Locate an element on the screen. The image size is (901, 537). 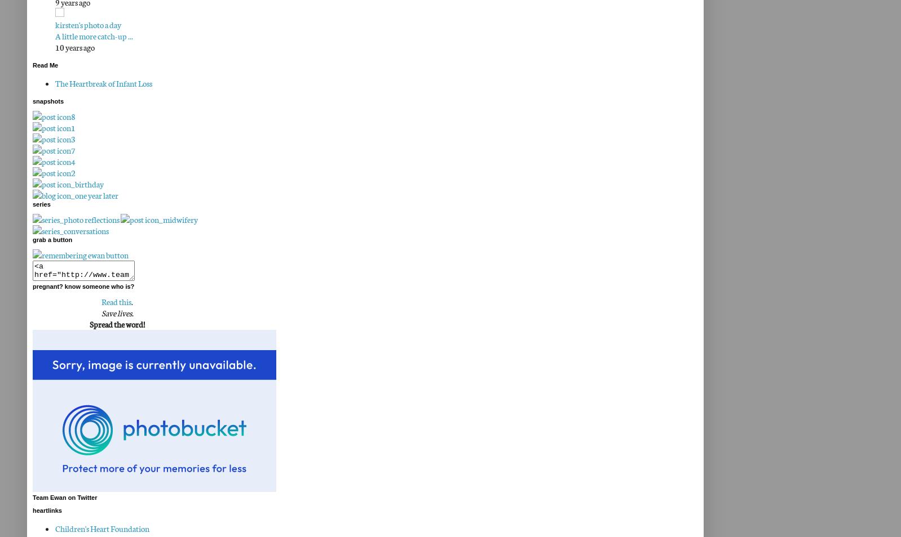
'snapshots' is located at coordinates (47, 101).